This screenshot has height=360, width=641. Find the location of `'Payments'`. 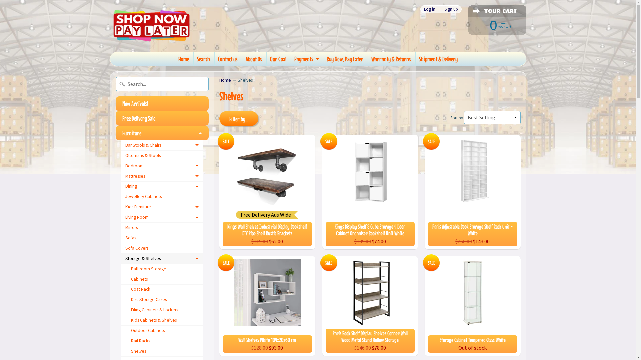

'Payments' is located at coordinates (306, 59).